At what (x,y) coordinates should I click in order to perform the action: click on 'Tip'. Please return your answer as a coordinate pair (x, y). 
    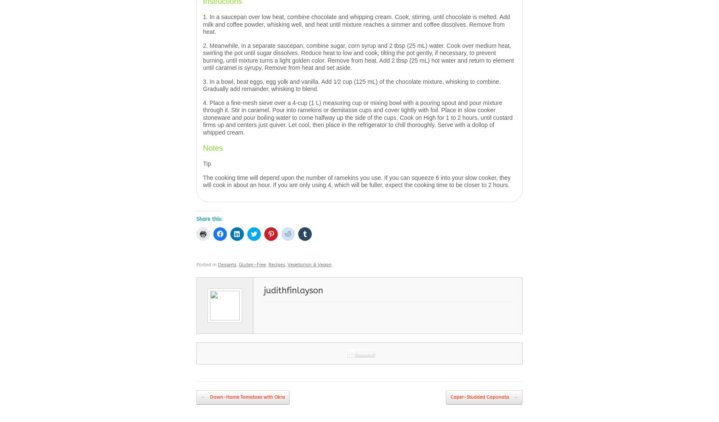
    Looking at the image, I should click on (202, 164).